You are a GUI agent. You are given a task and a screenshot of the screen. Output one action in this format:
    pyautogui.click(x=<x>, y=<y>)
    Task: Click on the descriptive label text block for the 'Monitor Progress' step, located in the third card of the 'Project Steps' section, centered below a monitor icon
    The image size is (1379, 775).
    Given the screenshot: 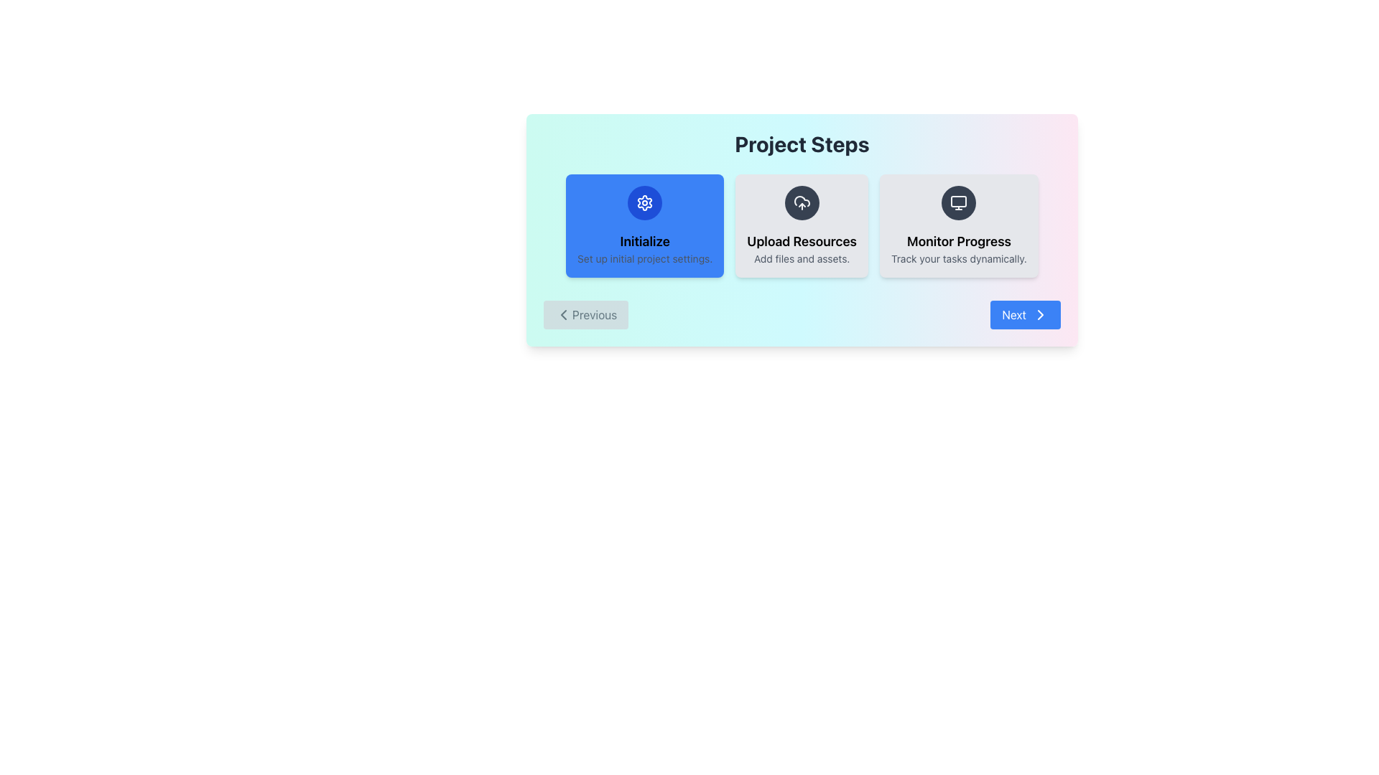 What is the action you would take?
    pyautogui.click(x=959, y=248)
    